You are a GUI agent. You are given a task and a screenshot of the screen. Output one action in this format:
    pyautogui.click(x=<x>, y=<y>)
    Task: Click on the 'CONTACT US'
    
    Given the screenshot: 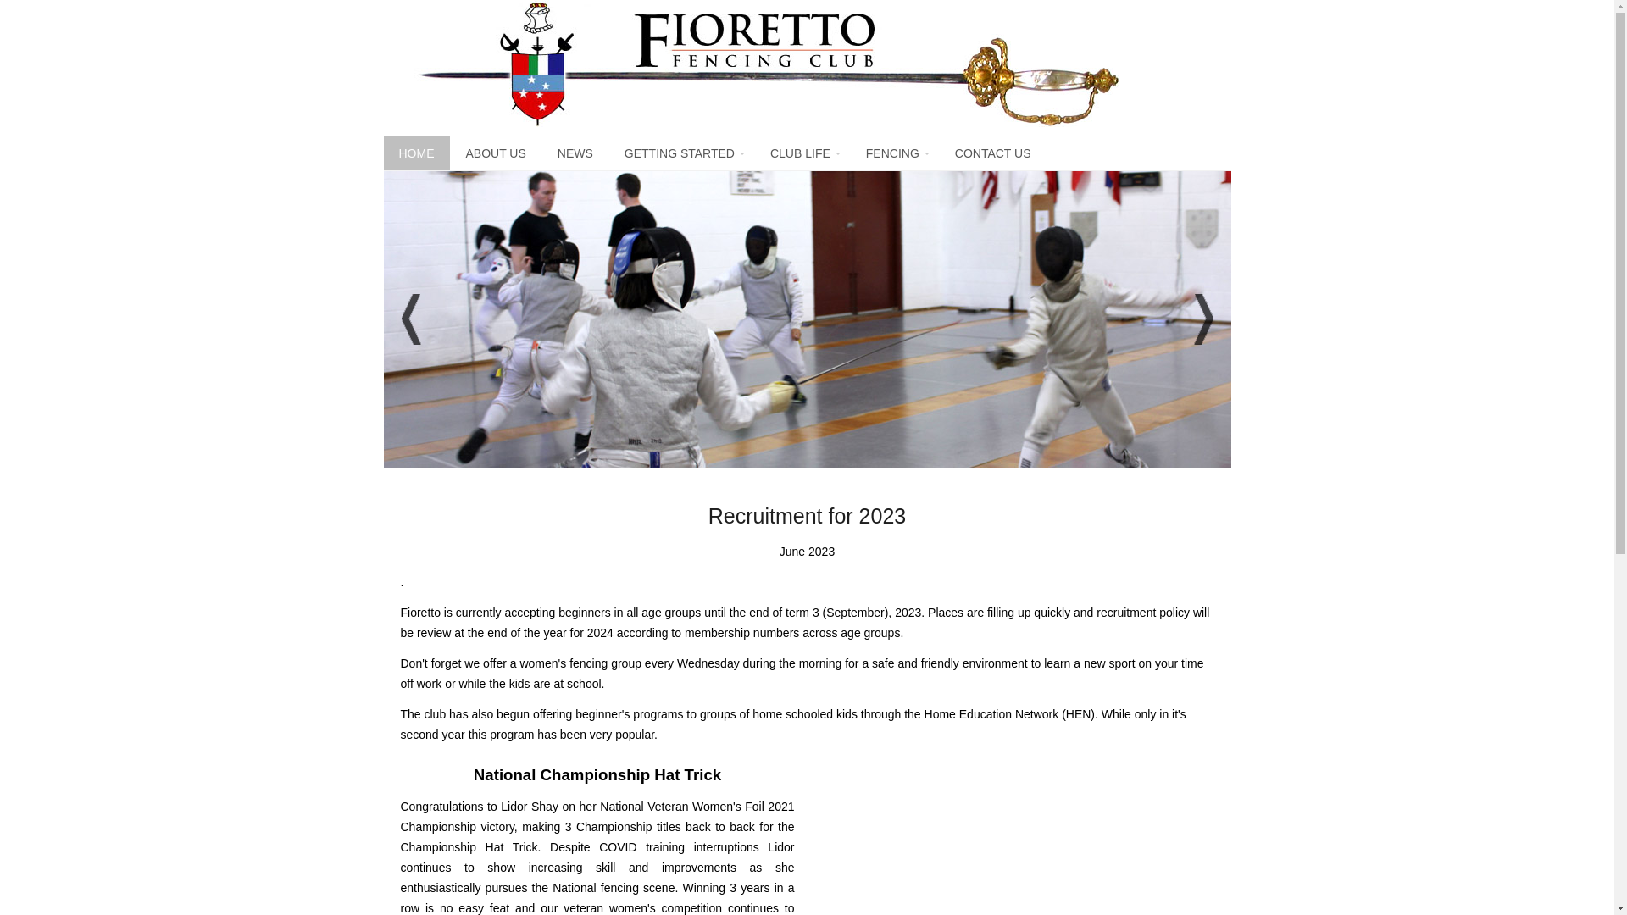 What is the action you would take?
    pyautogui.click(x=992, y=153)
    